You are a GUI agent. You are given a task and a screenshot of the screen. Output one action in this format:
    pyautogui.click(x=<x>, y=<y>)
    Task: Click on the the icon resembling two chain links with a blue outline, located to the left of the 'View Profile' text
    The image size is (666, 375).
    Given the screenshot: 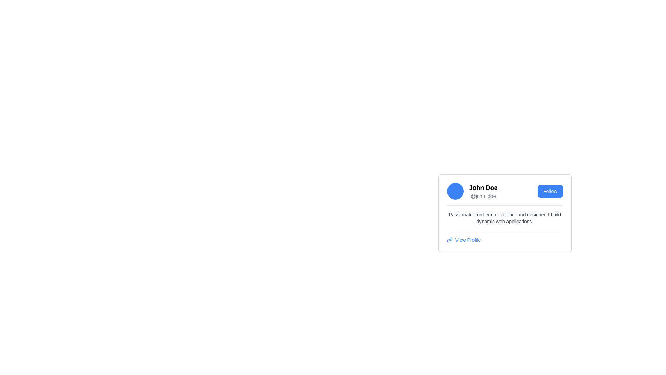 What is the action you would take?
    pyautogui.click(x=450, y=239)
    